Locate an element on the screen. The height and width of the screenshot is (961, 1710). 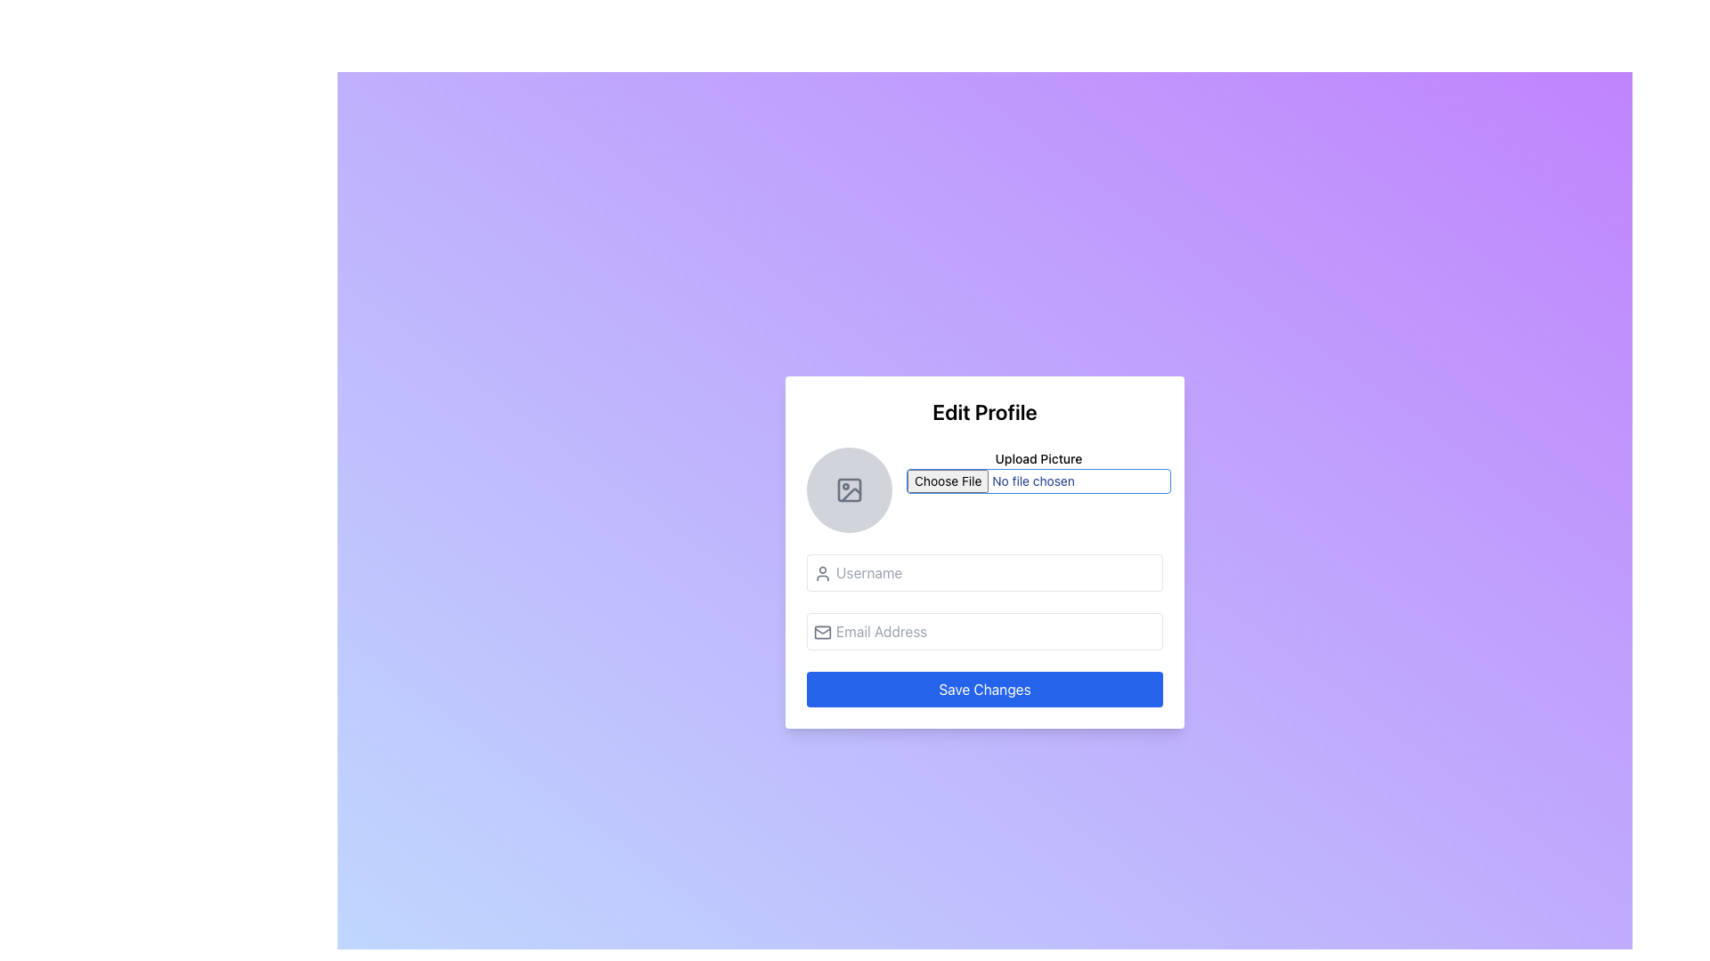
the email icon, which is a small gray envelope located to the left of the 'Email Address' text input field is located at coordinates (822, 631).